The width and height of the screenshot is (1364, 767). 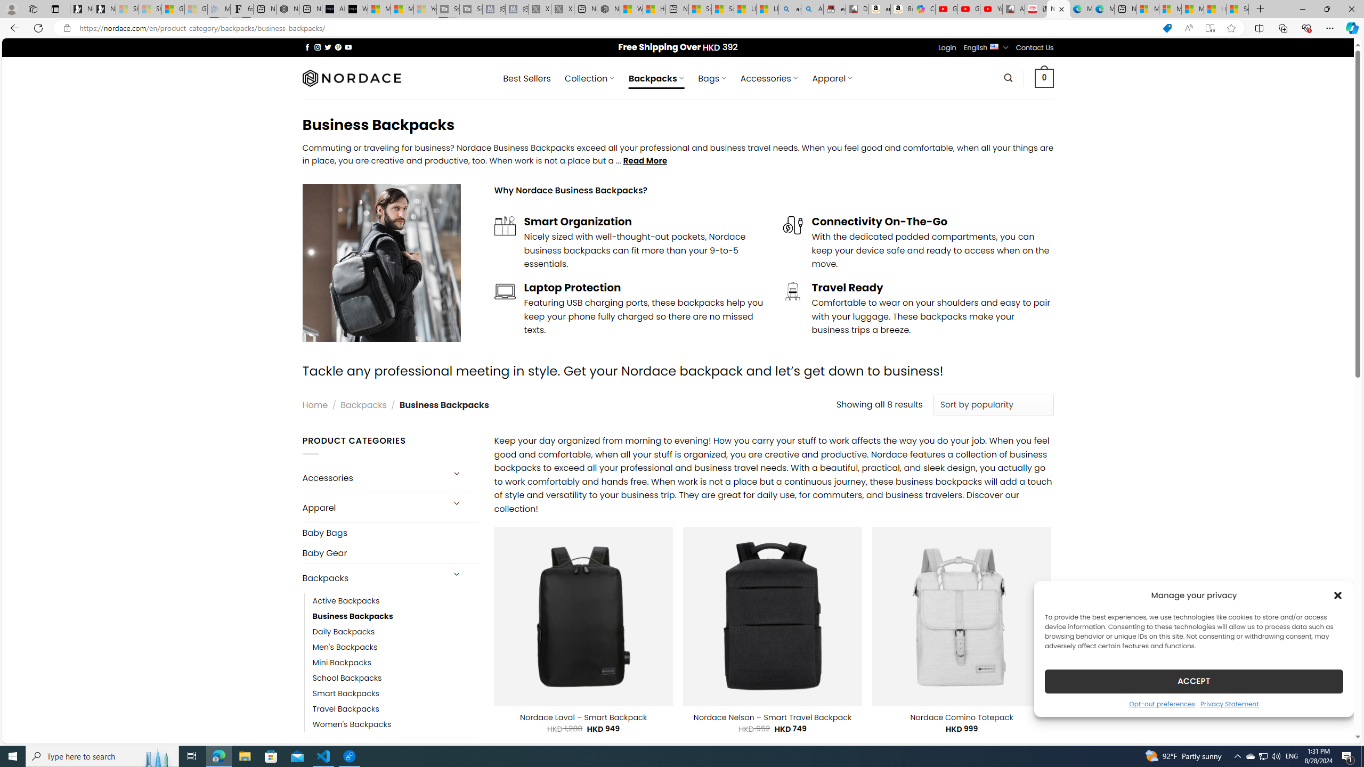 What do you see at coordinates (1209, 28) in the screenshot?
I see `'Enter Immersive Reader (F9)'` at bounding box center [1209, 28].